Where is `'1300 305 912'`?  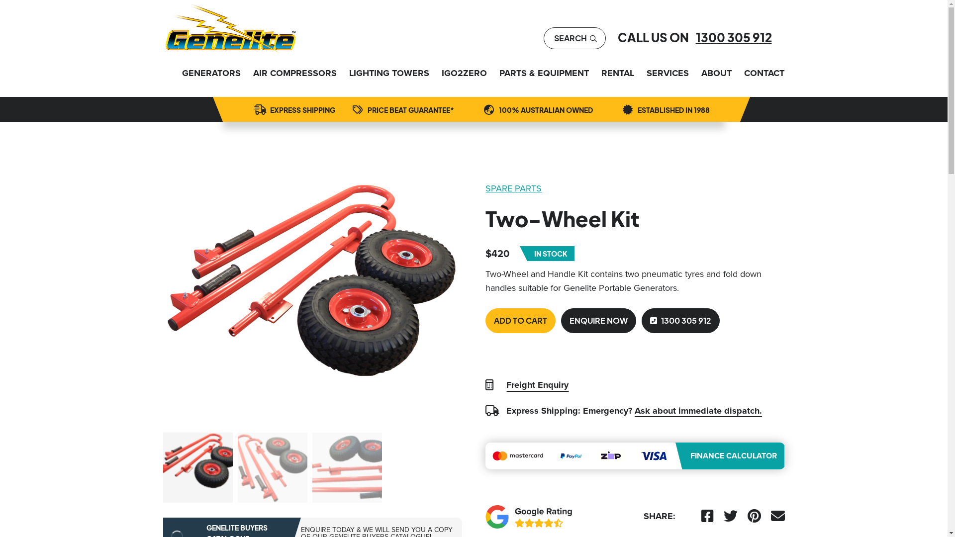 '1300 305 912' is located at coordinates (733, 36).